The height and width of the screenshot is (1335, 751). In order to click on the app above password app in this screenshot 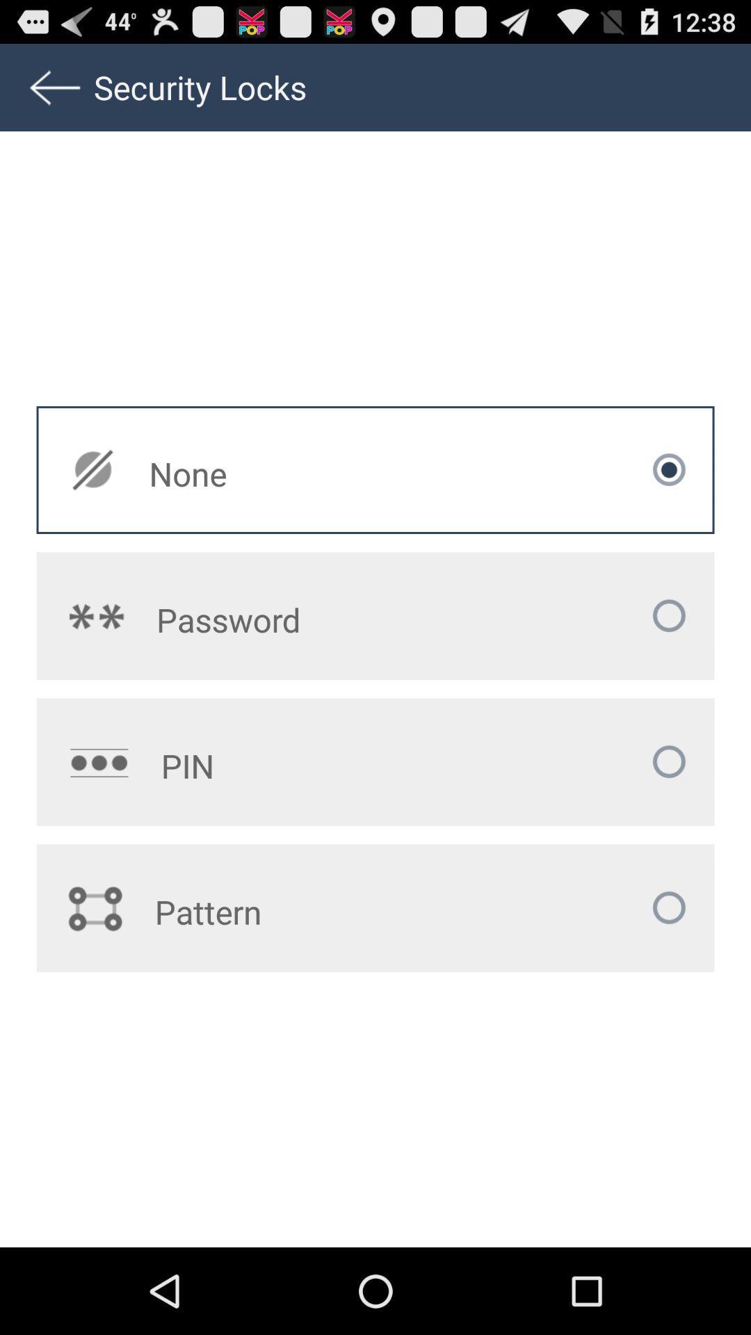, I will do `click(285, 474)`.